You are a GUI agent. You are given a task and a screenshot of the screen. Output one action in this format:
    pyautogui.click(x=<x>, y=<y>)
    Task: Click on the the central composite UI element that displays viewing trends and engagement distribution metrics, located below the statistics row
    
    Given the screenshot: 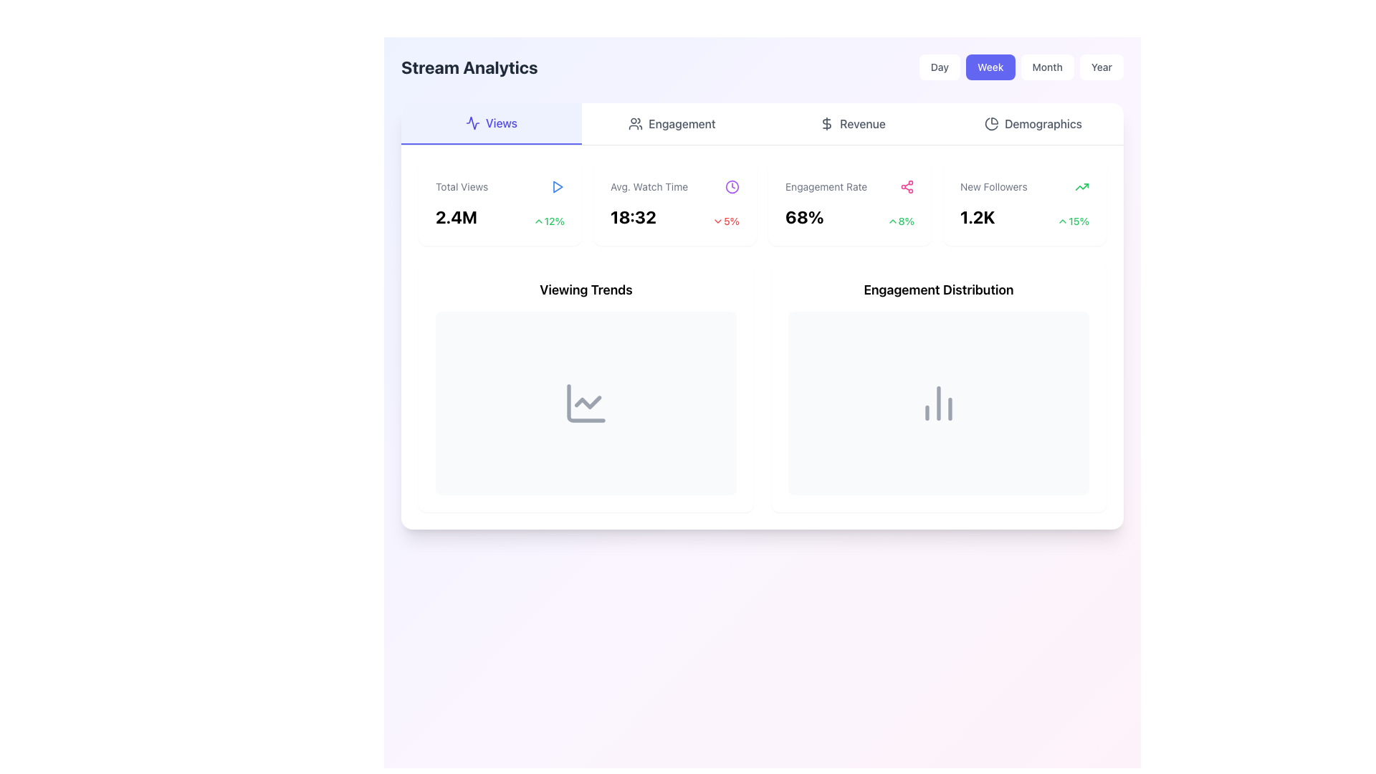 What is the action you would take?
    pyautogui.click(x=762, y=387)
    